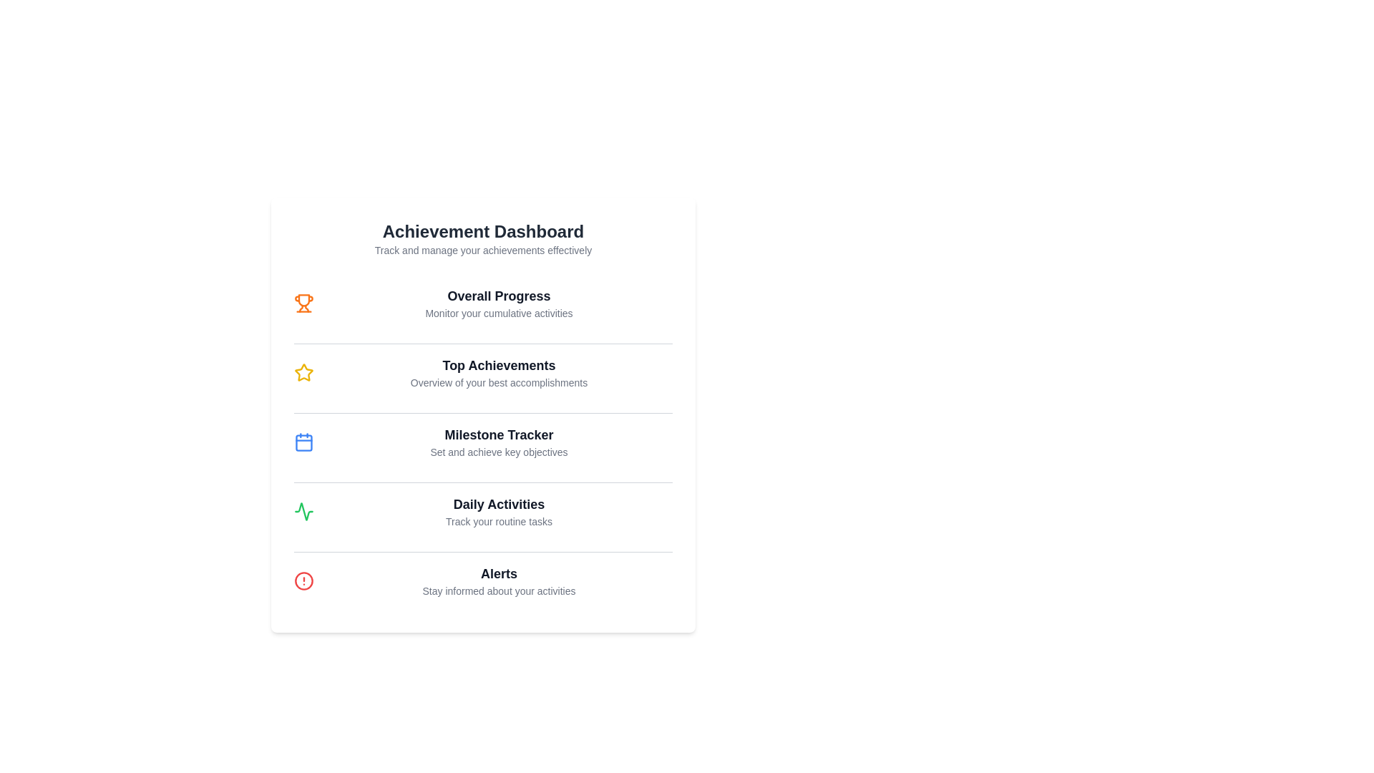 The image size is (1374, 773). Describe the element at coordinates (303, 371) in the screenshot. I see `the bright yellow star icon that serves as the visual indicator for the 'Top Achievements' section in the dashboard interface` at that location.